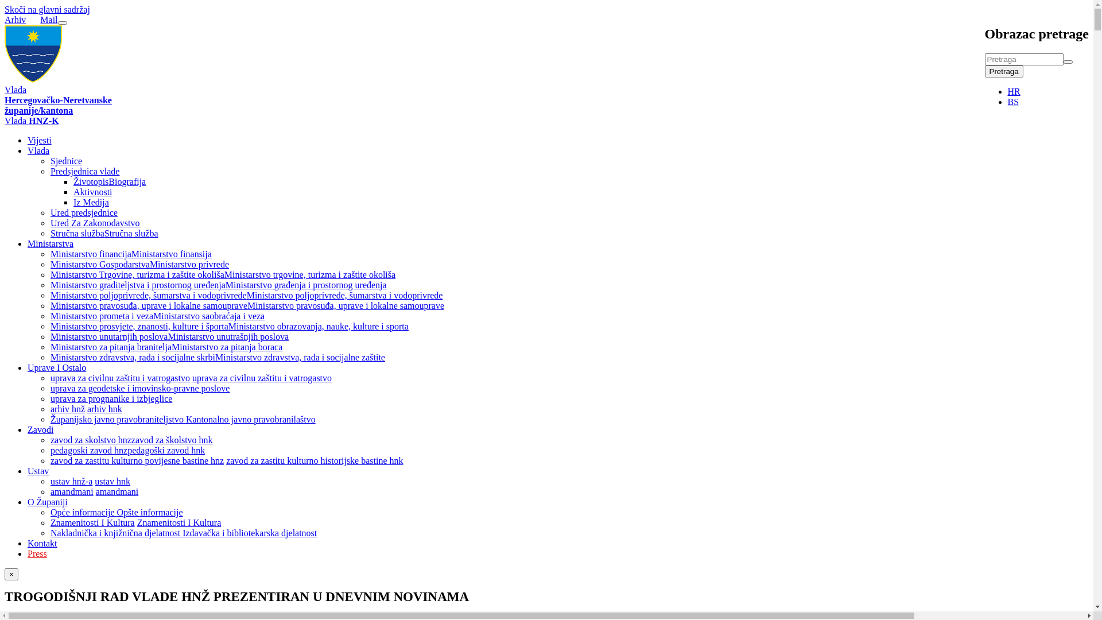 The image size is (1102, 620). I want to click on 'Ministarstvo za pitanja branitelja', so click(111, 346).